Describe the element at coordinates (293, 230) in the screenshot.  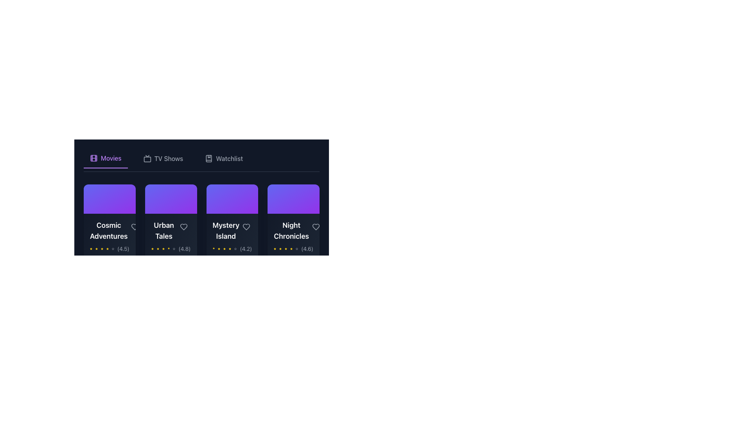
I see `text displayed in the label component that indicates the movie title 'Night Chronicles', located in the lower part of the fourth card in a horizontally-aligned list of movies` at that location.